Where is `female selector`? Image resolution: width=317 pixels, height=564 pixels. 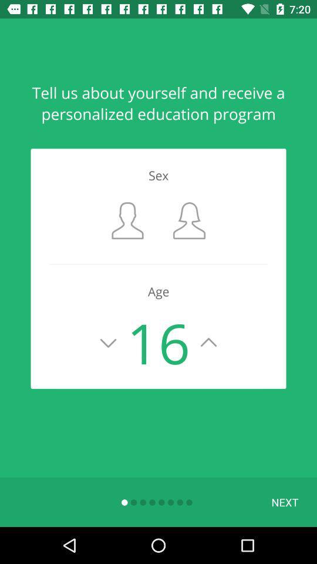
female selector is located at coordinates (189, 220).